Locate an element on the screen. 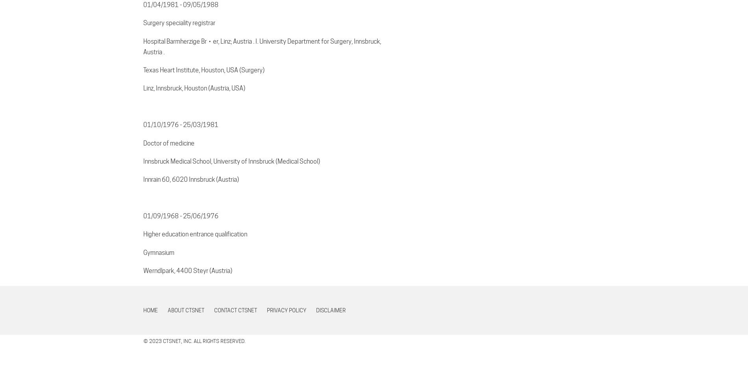 This screenshot has height=367, width=748. '© 2023 CTSNet, Inc. All rights reserved.' is located at coordinates (143, 340).